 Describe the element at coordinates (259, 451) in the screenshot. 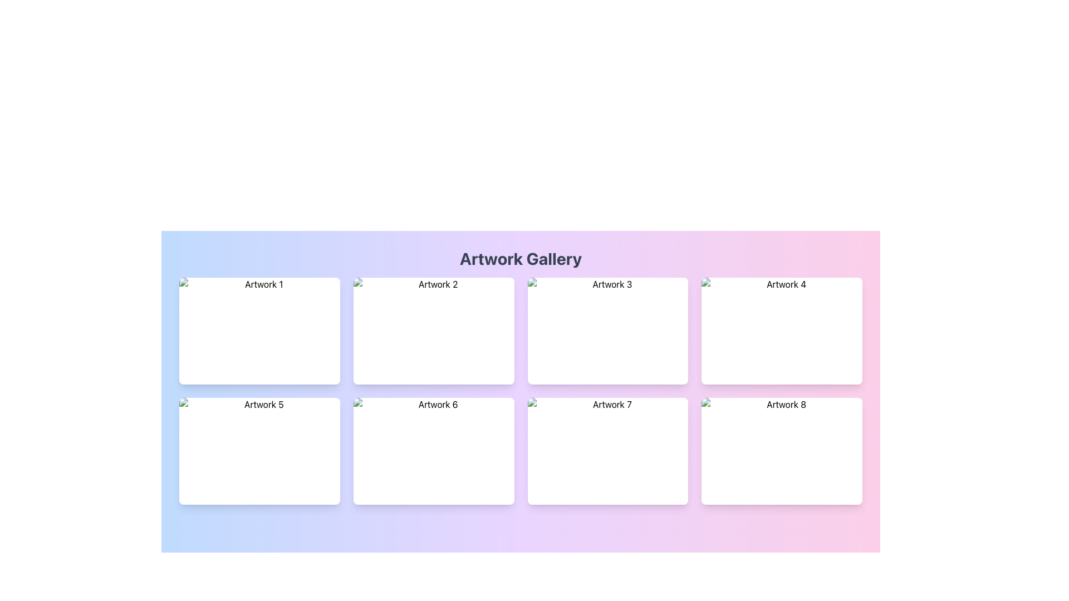

I see `the fifth card in the grid layout, which has a white background, rounded corners, and a shadow effect, labeled 'Artwork 5'` at that location.